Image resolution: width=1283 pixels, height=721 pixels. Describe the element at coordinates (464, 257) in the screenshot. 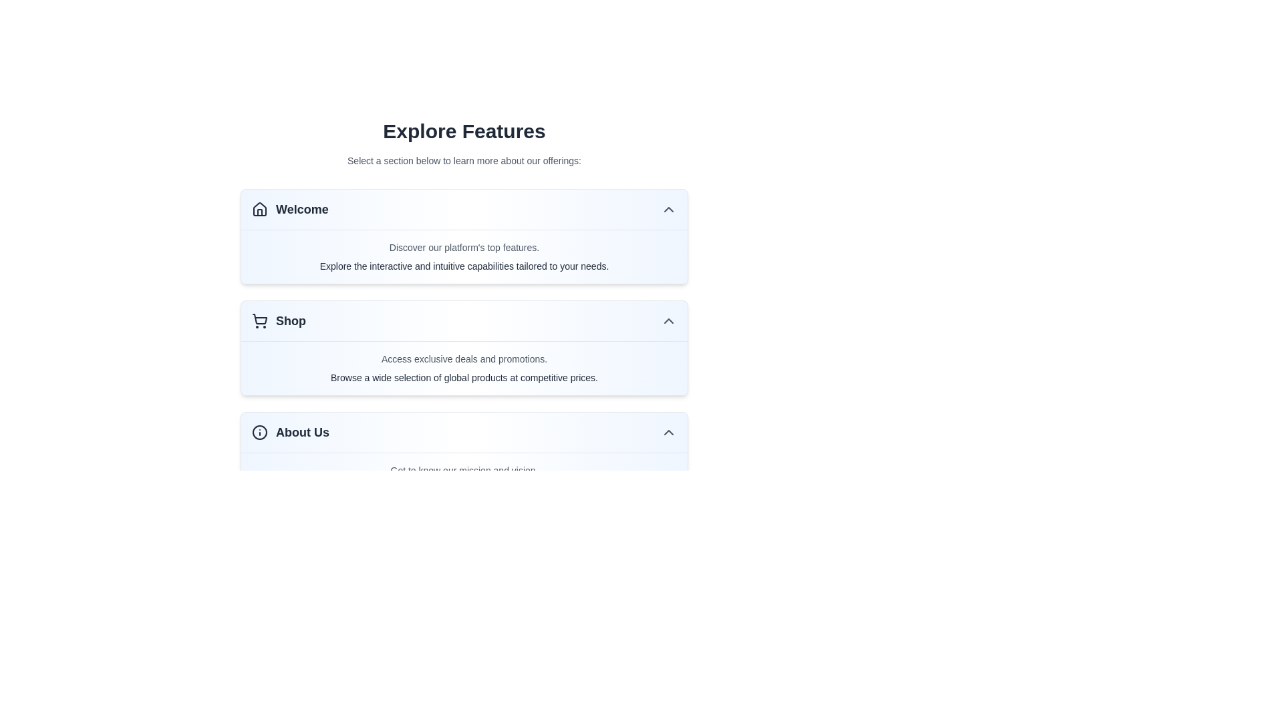

I see `the informational text component located below the 'Welcome' title in the 'Explore Features' section` at that location.